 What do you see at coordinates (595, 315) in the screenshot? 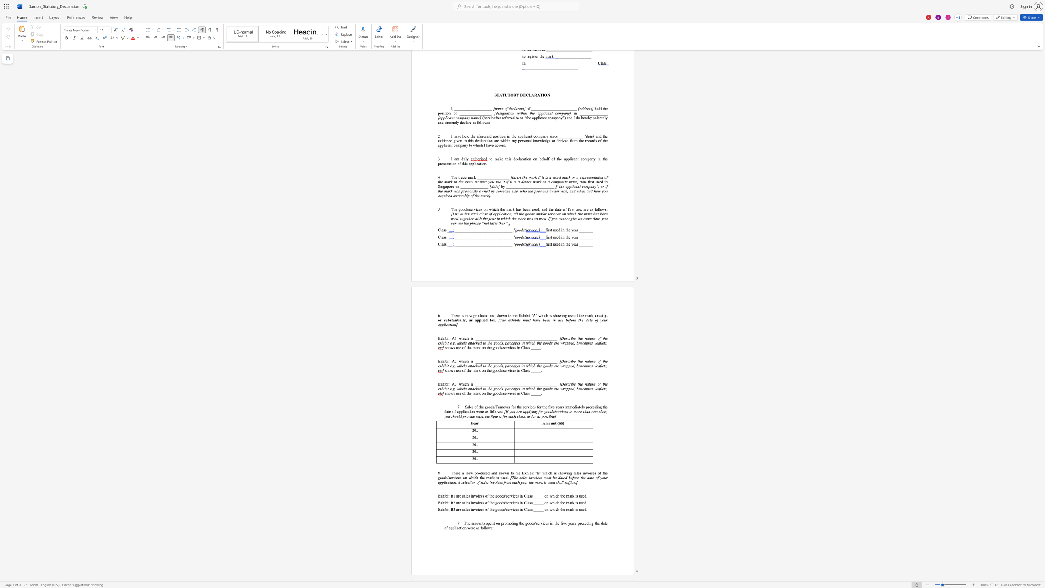
I see `the 1th character "e" in the text` at bounding box center [595, 315].